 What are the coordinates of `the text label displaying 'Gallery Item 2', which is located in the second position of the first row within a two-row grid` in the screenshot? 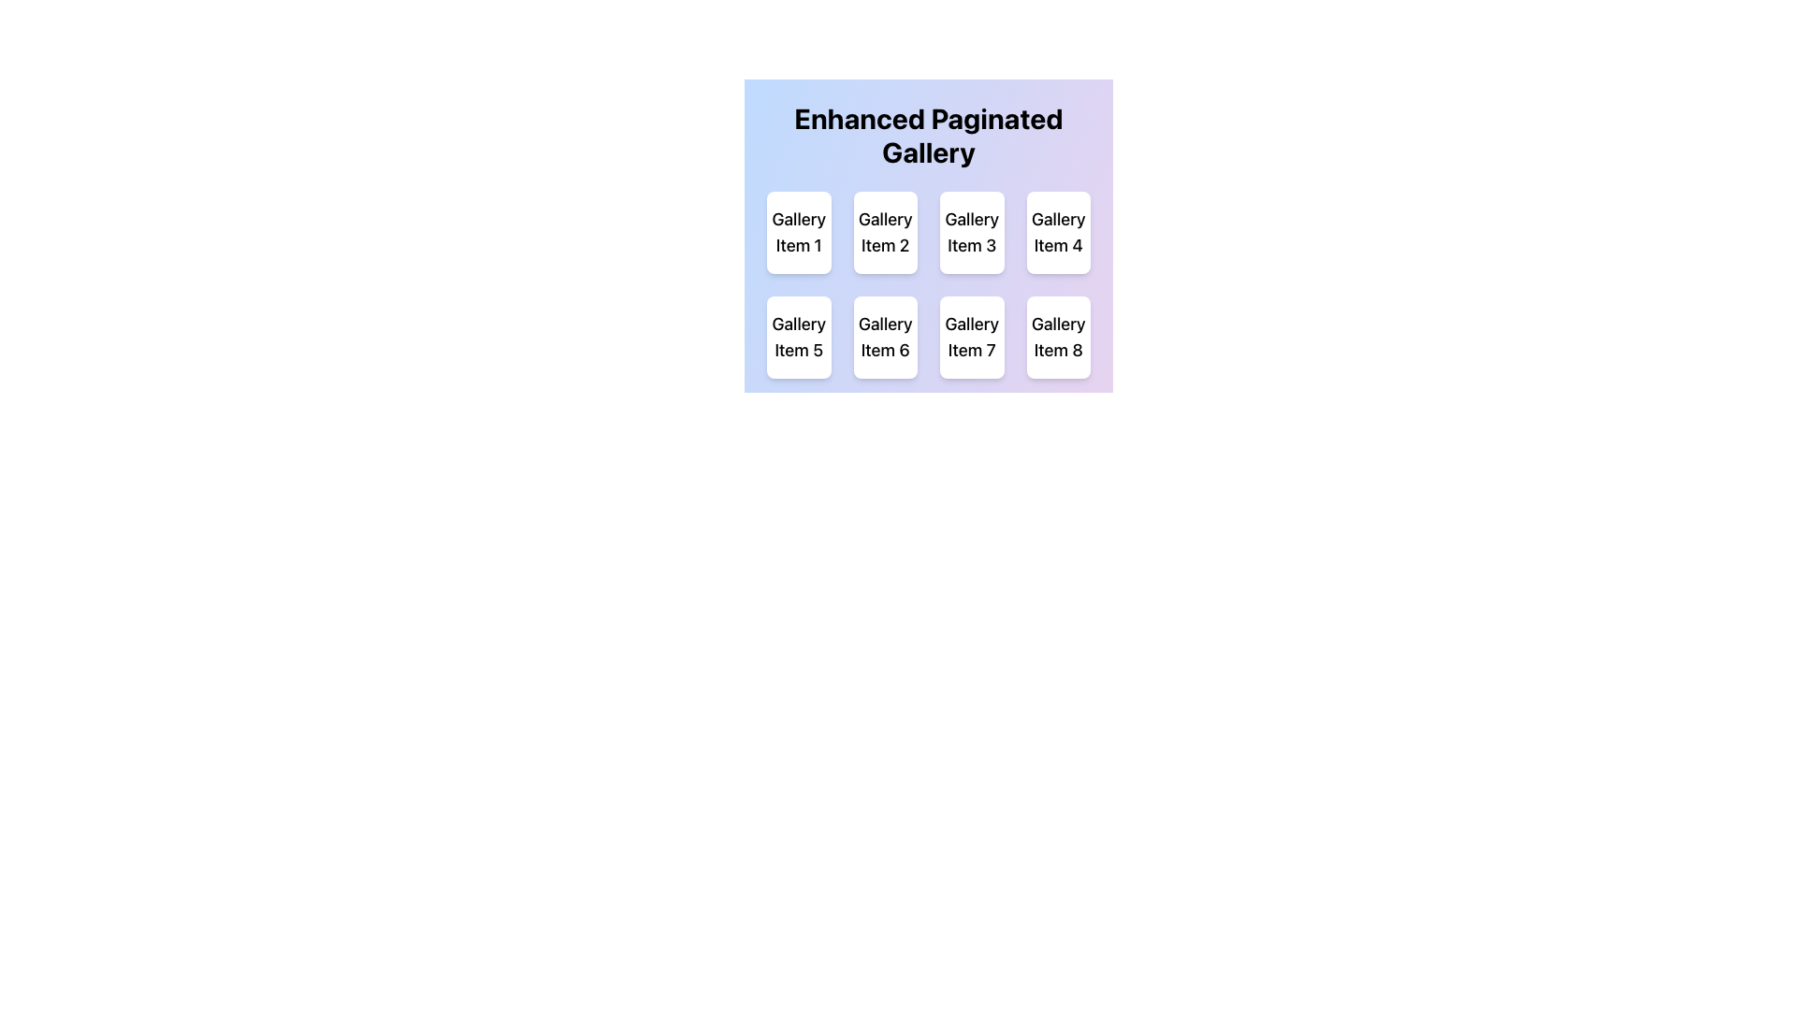 It's located at (884, 232).